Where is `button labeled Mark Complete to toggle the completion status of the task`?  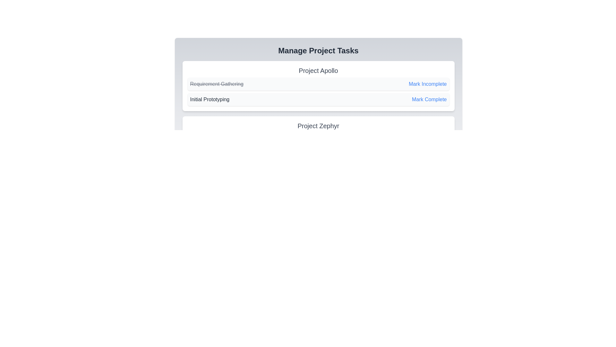
button labeled Mark Complete to toggle the completion status of the task is located at coordinates (429, 99).